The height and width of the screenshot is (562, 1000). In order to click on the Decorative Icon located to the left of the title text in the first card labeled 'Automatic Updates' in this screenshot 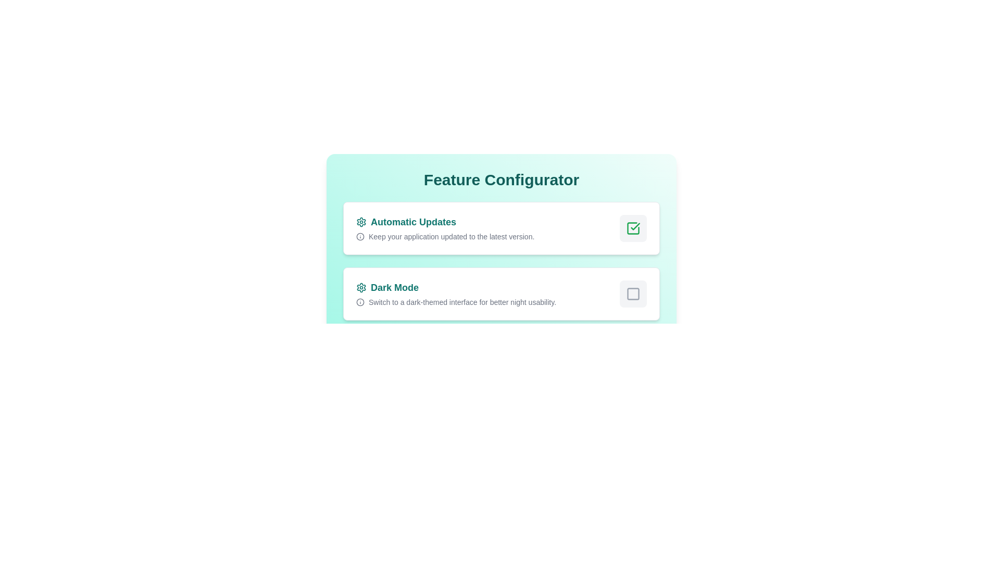, I will do `click(361, 222)`.